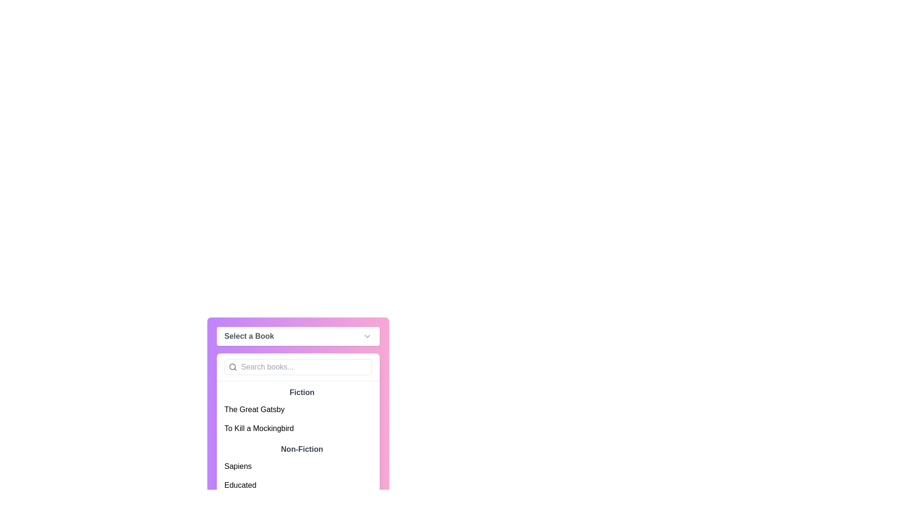  What do you see at coordinates (238, 466) in the screenshot?
I see `the text label for the book titled 'Sapiens' located in the dropdown book selection menu under the 'Non-Fiction' subsection` at bounding box center [238, 466].